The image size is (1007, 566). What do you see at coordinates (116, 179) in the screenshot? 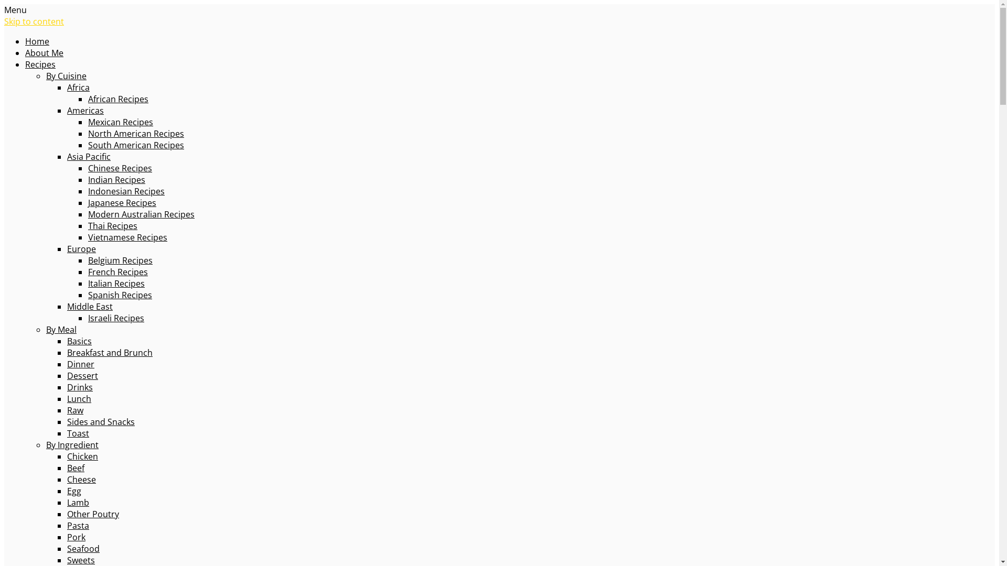
I see `'Indian Recipes'` at bounding box center [116, 179].